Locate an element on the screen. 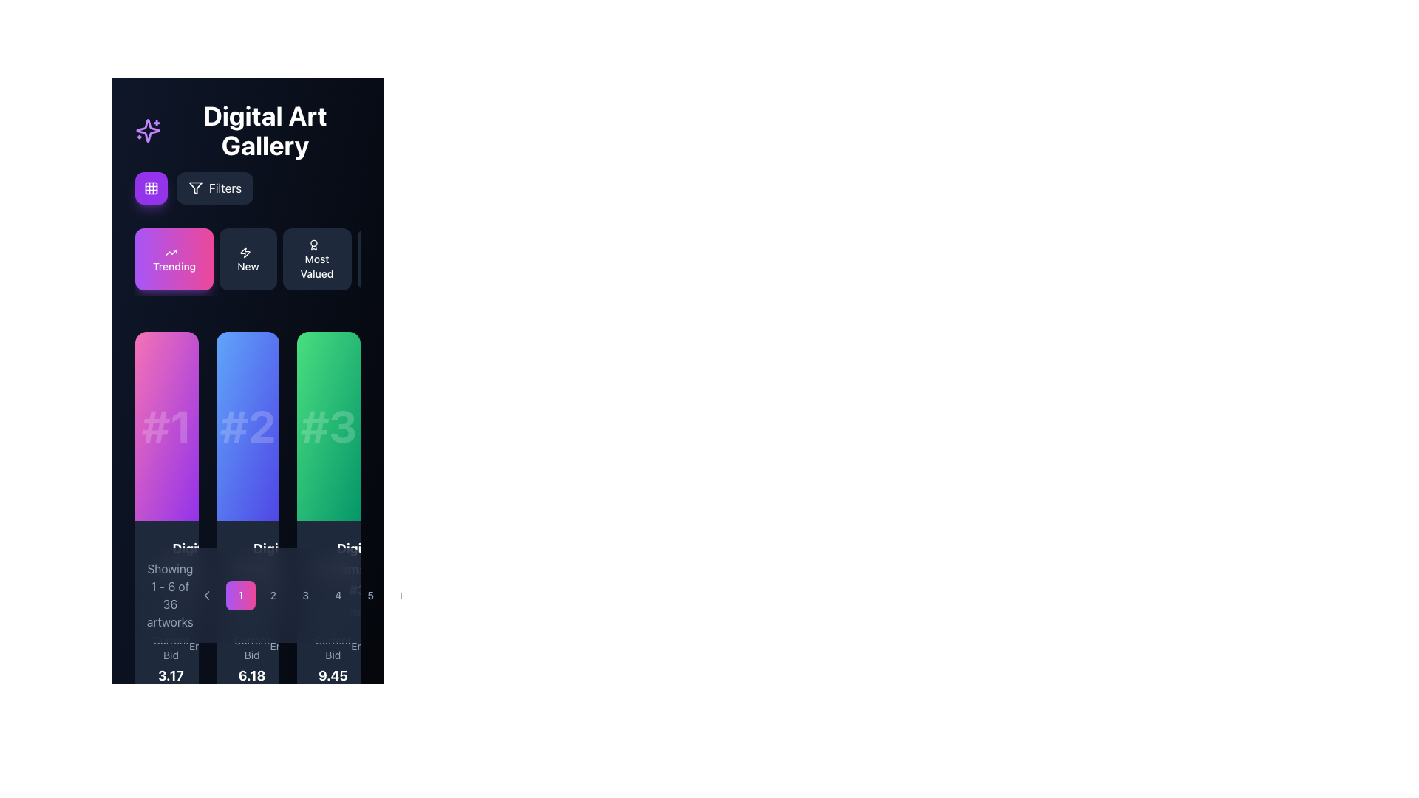  the static text display indicating the sequence number '#3', which is part of the third green card in a series of vertically elongated rectangles is located at coordinates (328, 426).